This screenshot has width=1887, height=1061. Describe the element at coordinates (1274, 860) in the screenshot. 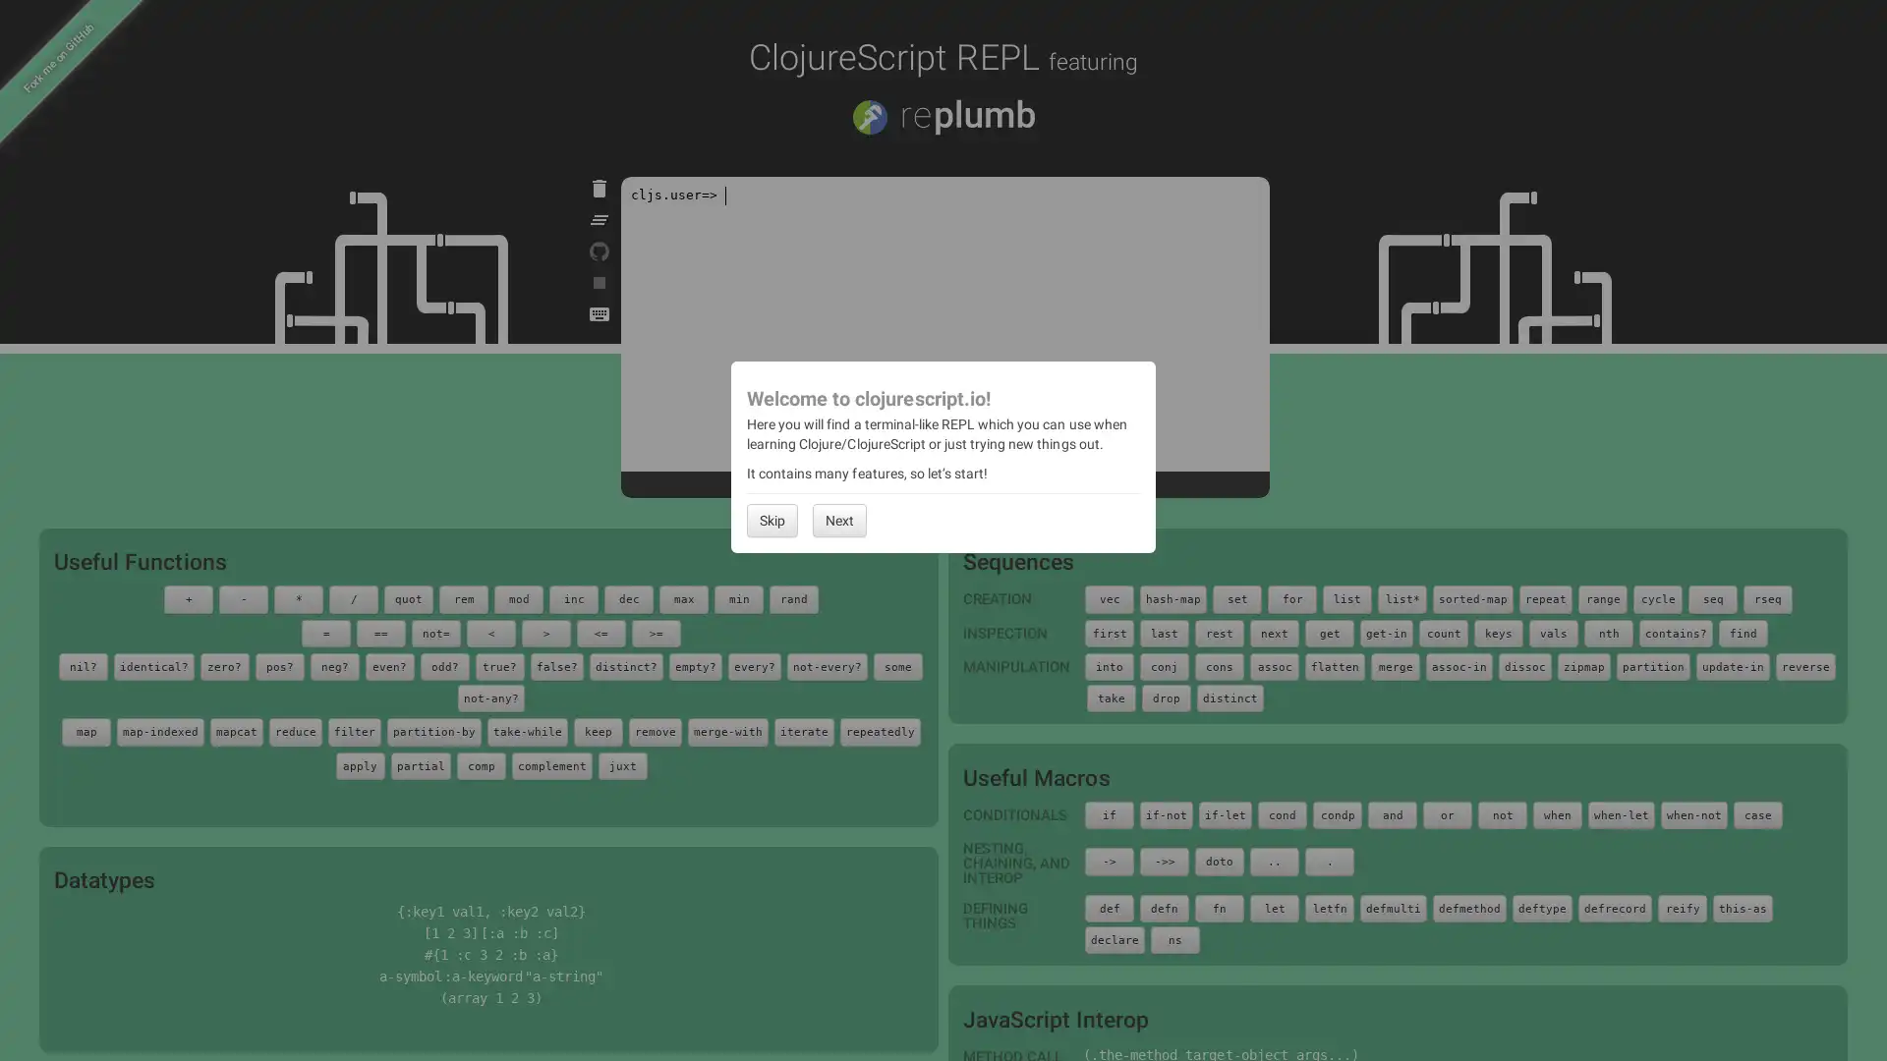

I see `..` at that location.